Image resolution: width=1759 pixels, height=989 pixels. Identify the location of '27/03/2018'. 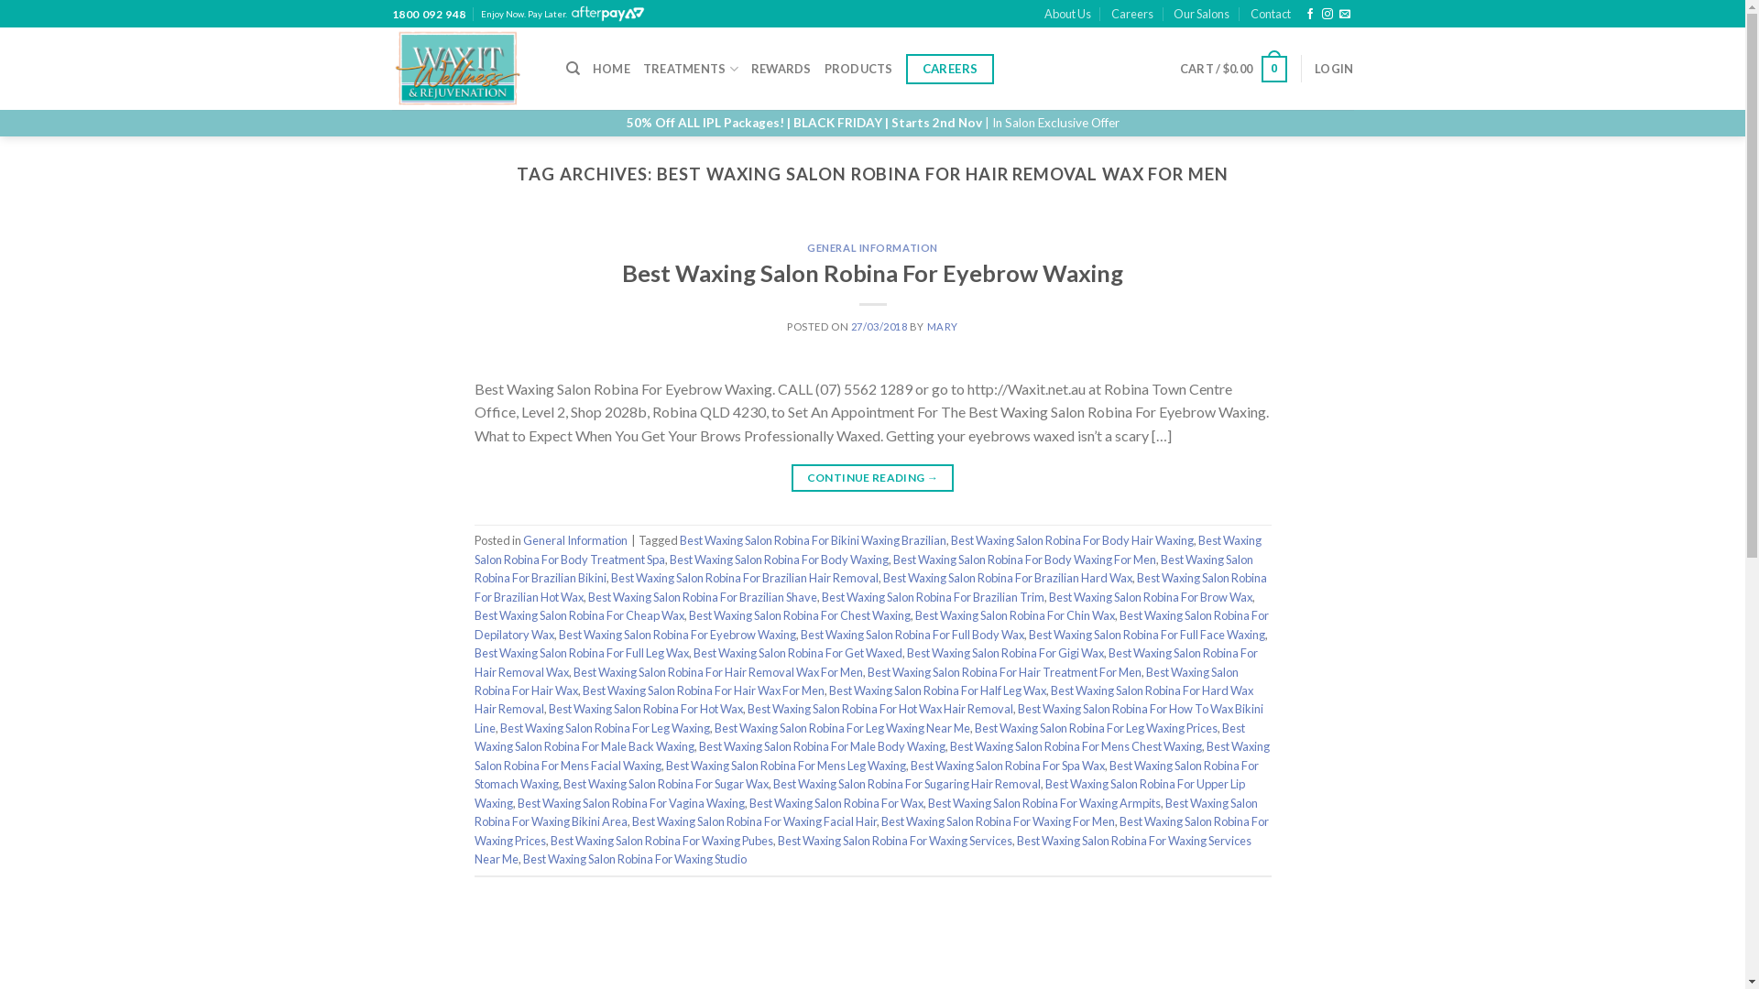
(879, 325).